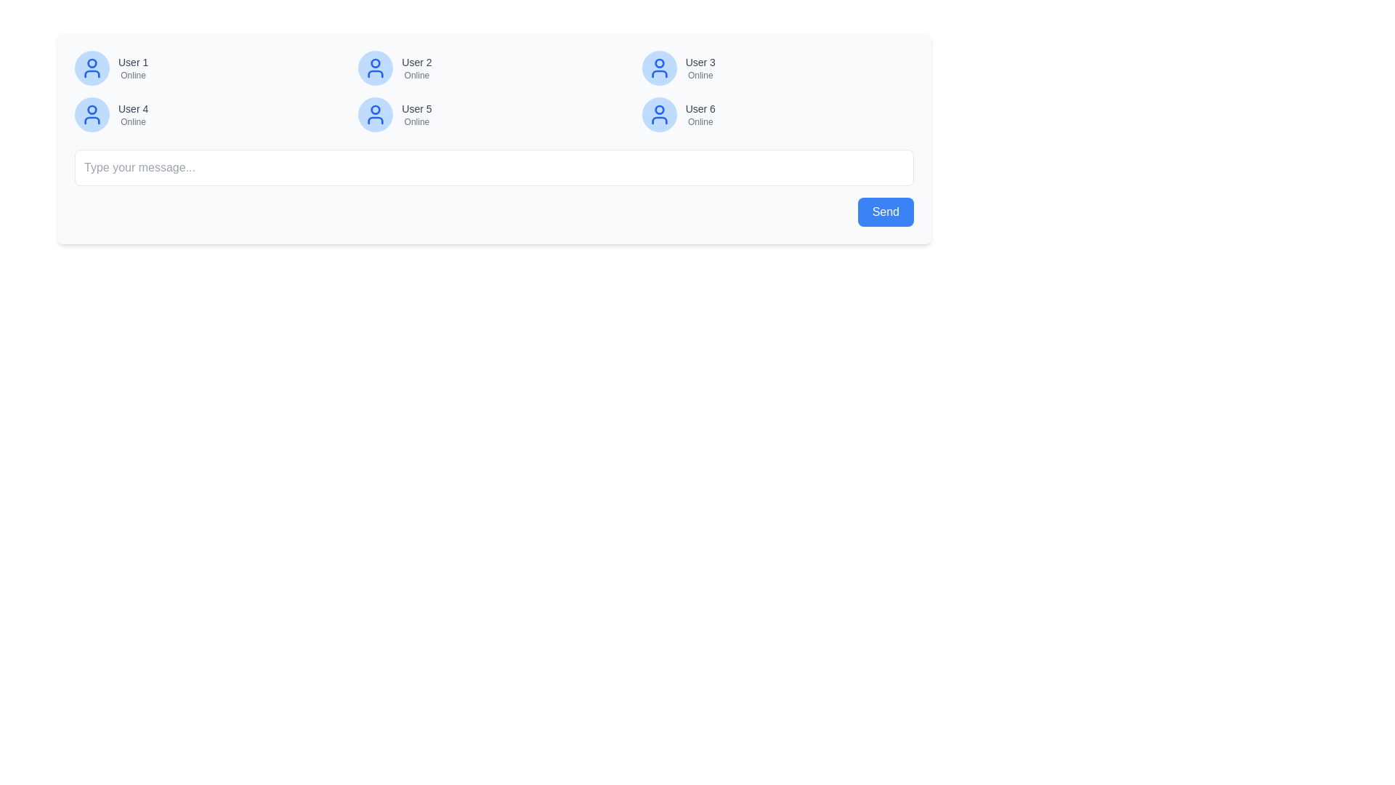  Describe the element at coordinates (416, 114) in the screenshot. I see `the displayed information of the text block containing 'User 5' and 'Online', which is styled in a title-subtitle format and located in the third column of user elements` at that location.